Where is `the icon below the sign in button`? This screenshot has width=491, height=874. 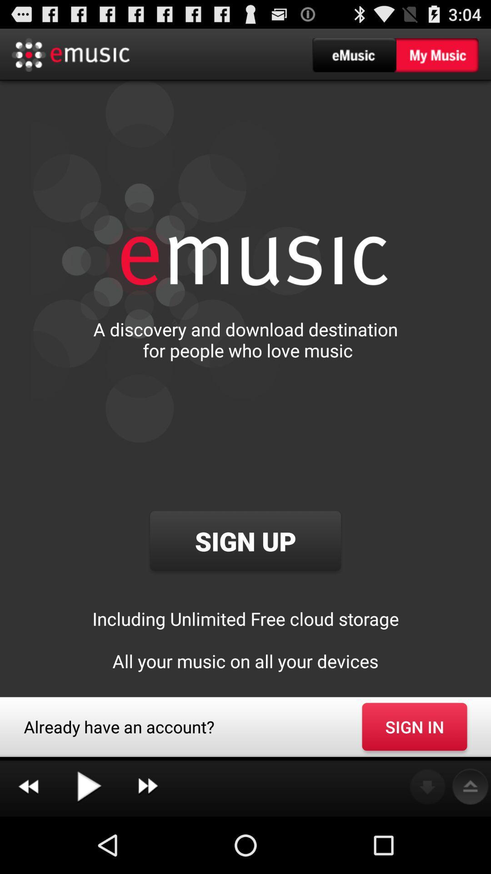 the icon below the sign in button is located at coordinates (470, 787).